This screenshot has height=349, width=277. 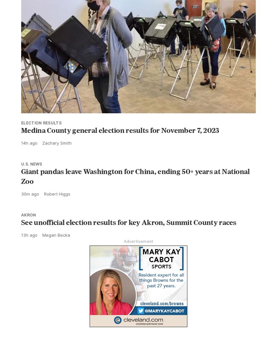 I want to click on 'See unofficial election results for key Akron, Summit County races', so click(x=128, y=222).